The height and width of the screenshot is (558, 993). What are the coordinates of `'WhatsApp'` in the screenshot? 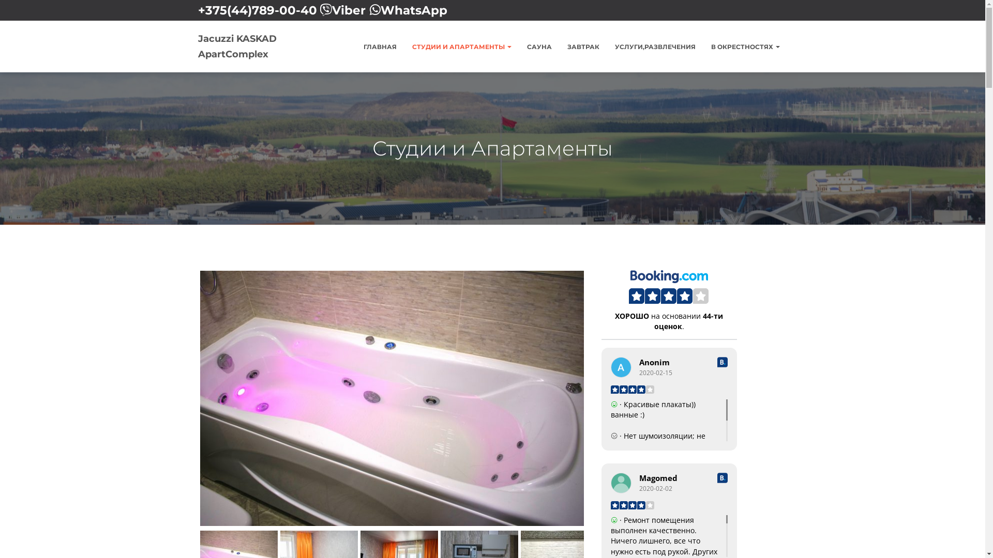 It's located at (414, 10).